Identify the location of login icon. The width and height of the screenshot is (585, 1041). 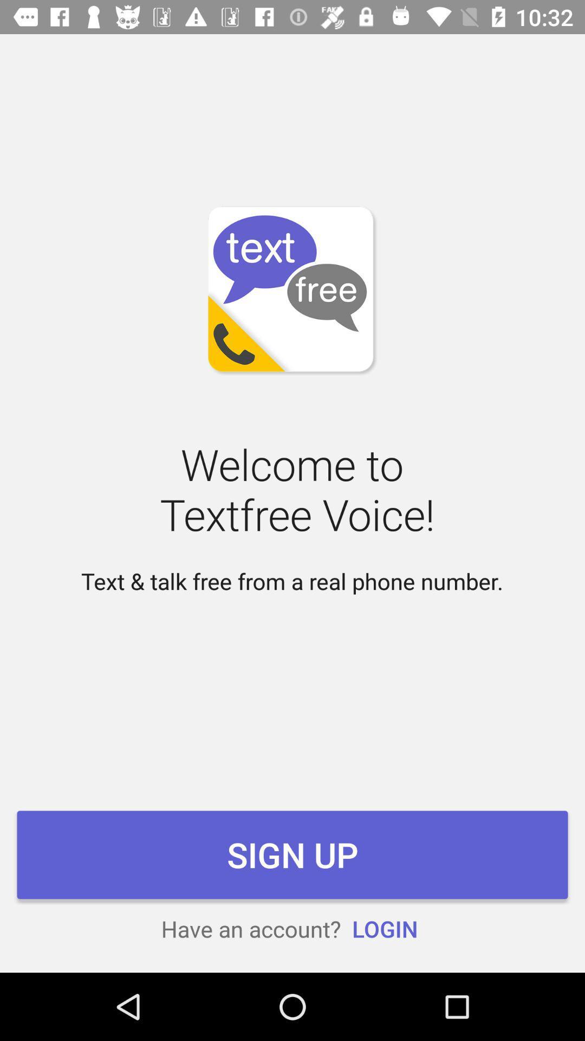
(384, 928).